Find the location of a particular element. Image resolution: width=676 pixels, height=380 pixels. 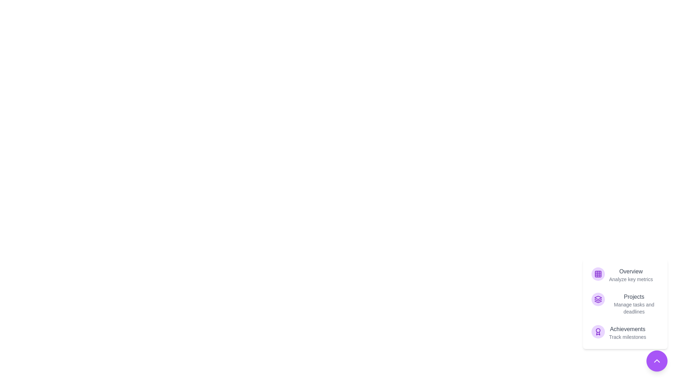

the item labeled Projects to observe its hover effect is located at coordinates (625, 304).